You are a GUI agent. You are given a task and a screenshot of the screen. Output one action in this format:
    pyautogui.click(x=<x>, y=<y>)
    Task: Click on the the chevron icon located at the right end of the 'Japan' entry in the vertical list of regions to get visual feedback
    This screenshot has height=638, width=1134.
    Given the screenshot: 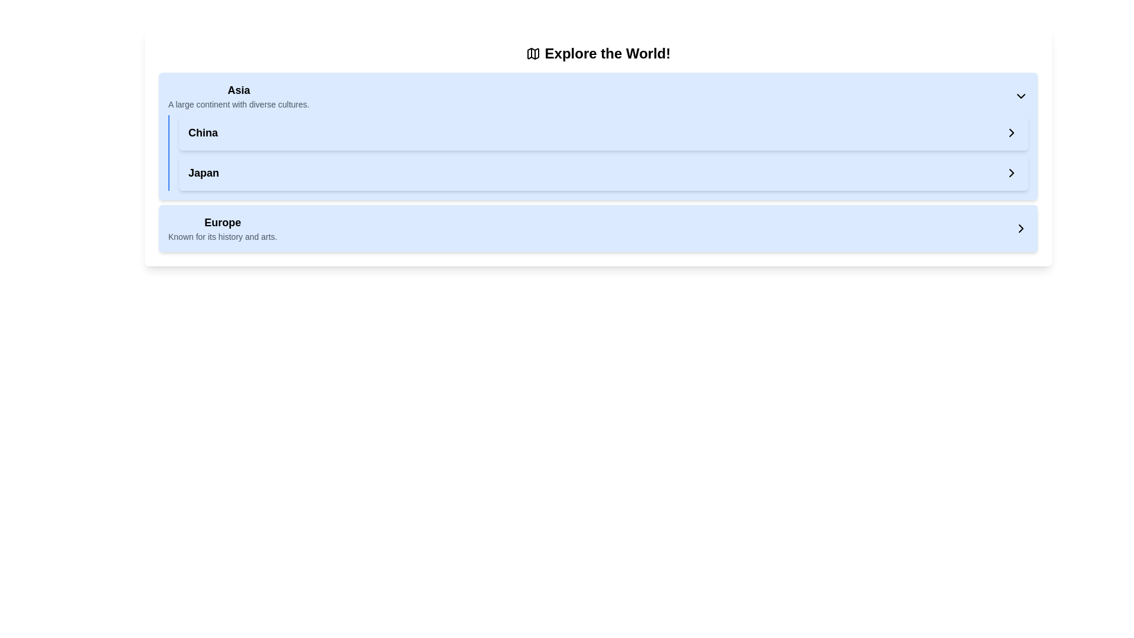 What is the action you would take?
    pyautogui.click(x=1011, y=132)
    